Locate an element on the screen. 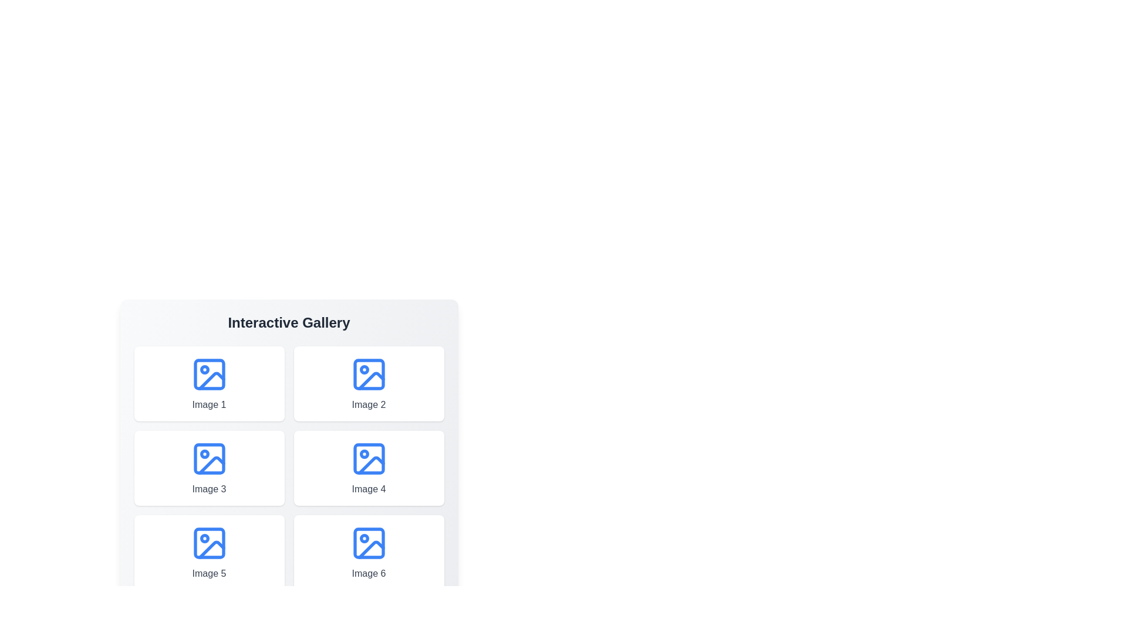 The height and width of the screenshot is (633, 1127). the image titled 'Image 1' to see its hover effect is located at coordinates (209, 384).